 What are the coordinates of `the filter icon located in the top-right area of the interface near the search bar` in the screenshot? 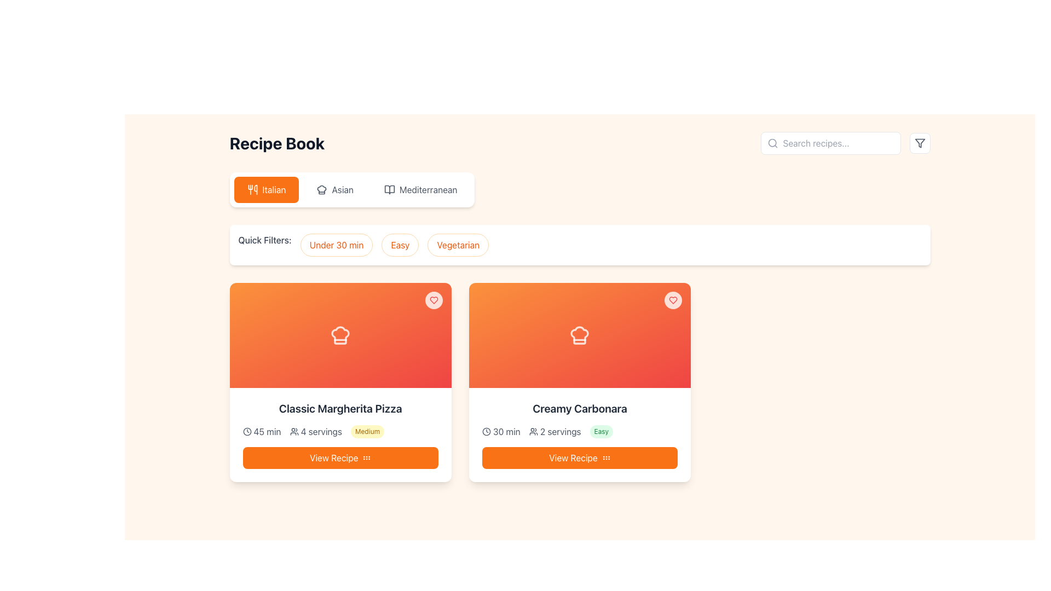 It's located at (920, 143).